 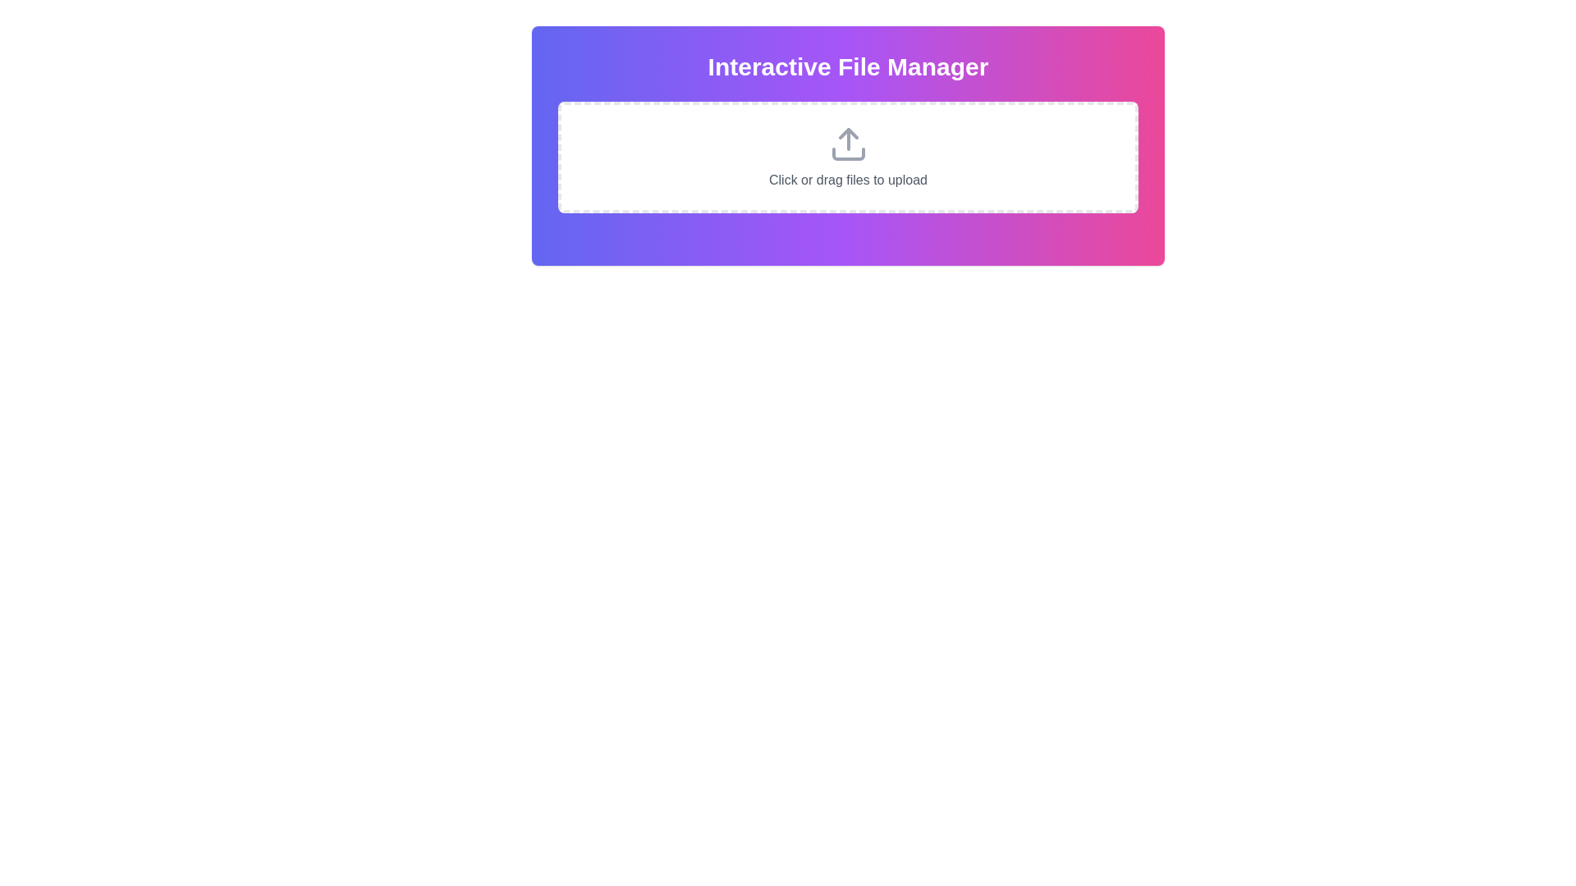 I want to click on the Upload area located below the 'Interactive File Manager' title, so click(x=848, y=158).